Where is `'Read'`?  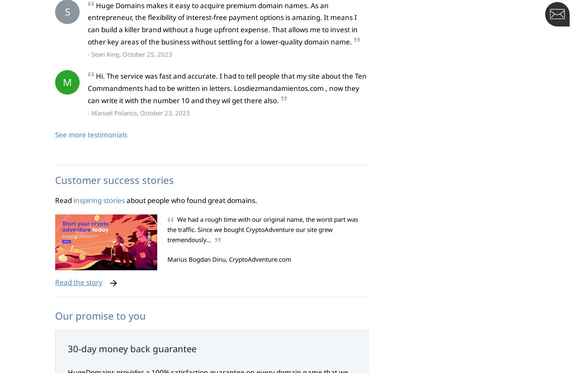
'Read' is located at coordinates (64, 199).